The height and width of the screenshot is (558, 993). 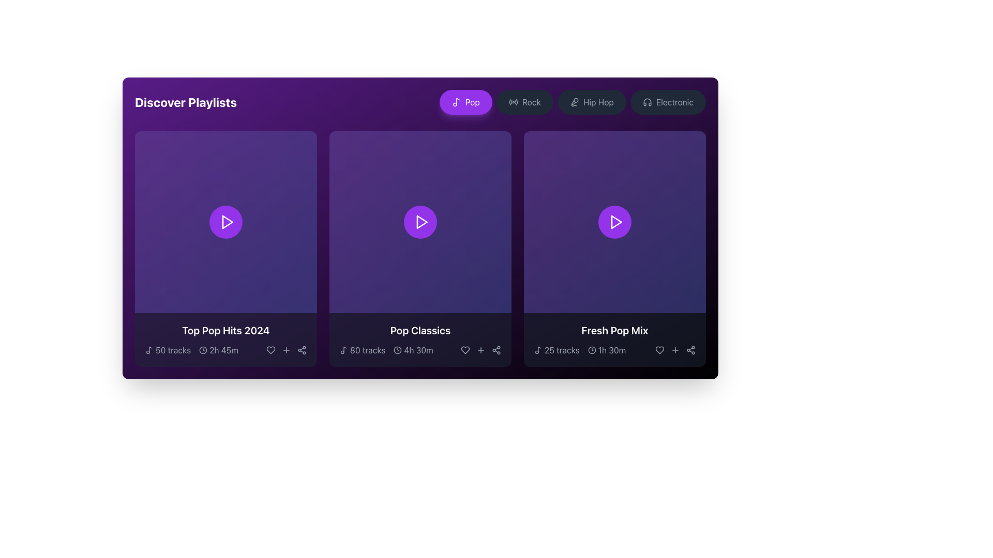 I want to click on the play button located on the 'Pop Classics' playlist card, so click(x=420, y=221).